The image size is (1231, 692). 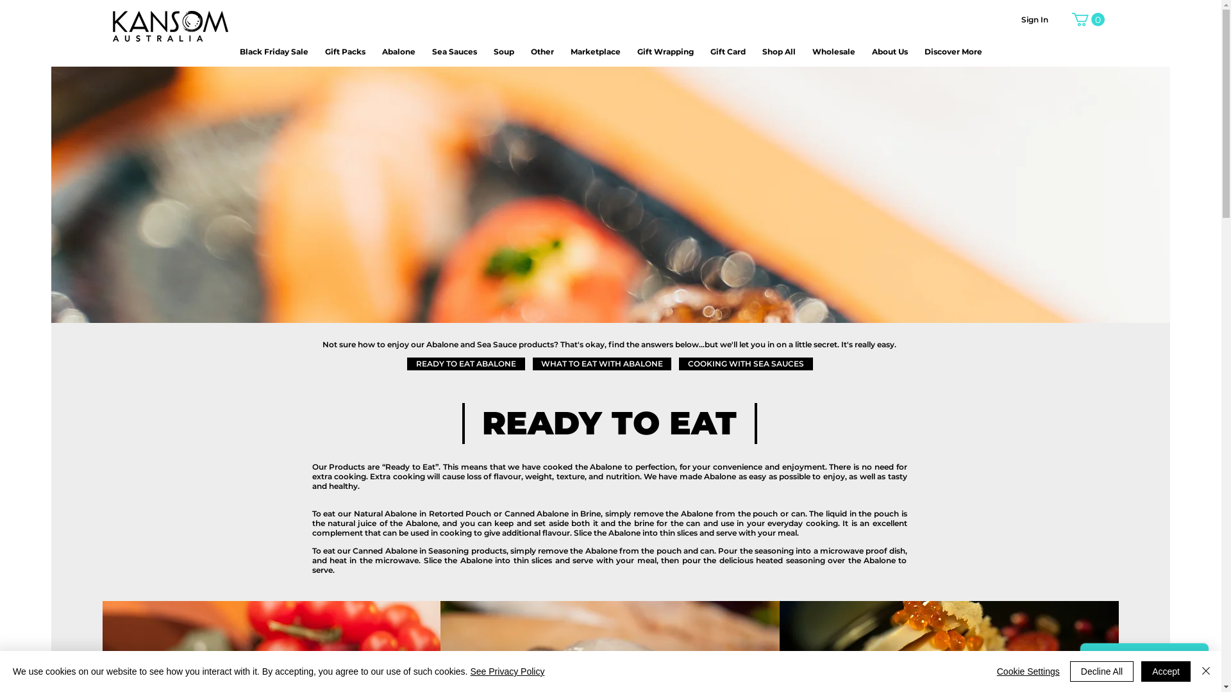 I want to click on 'Other', so click(x=542, y=51).